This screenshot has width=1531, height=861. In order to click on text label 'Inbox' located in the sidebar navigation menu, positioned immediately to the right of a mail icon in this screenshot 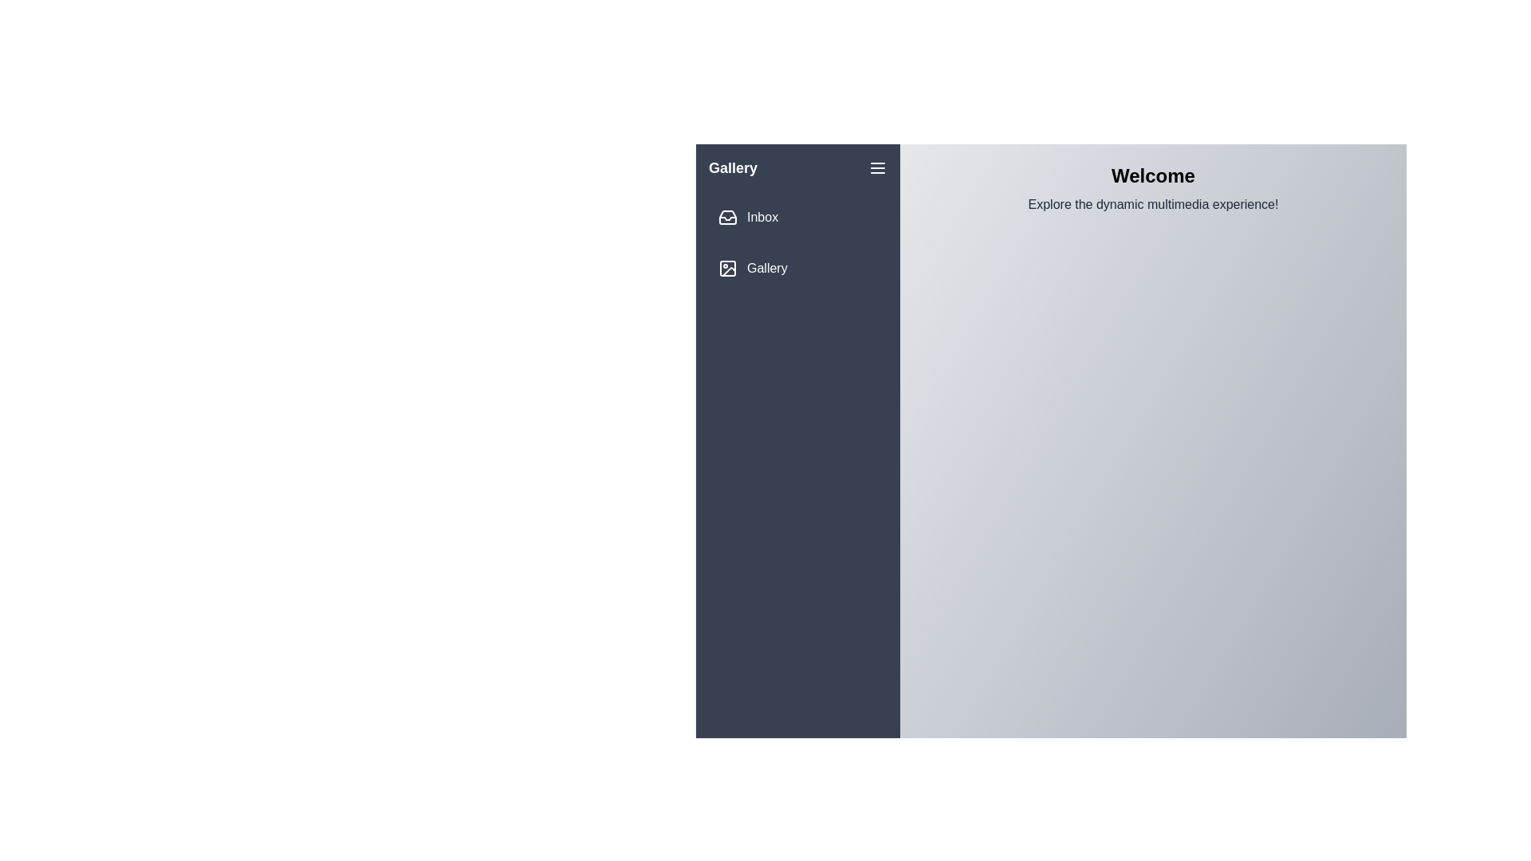, I will do `click(762, 218)`.